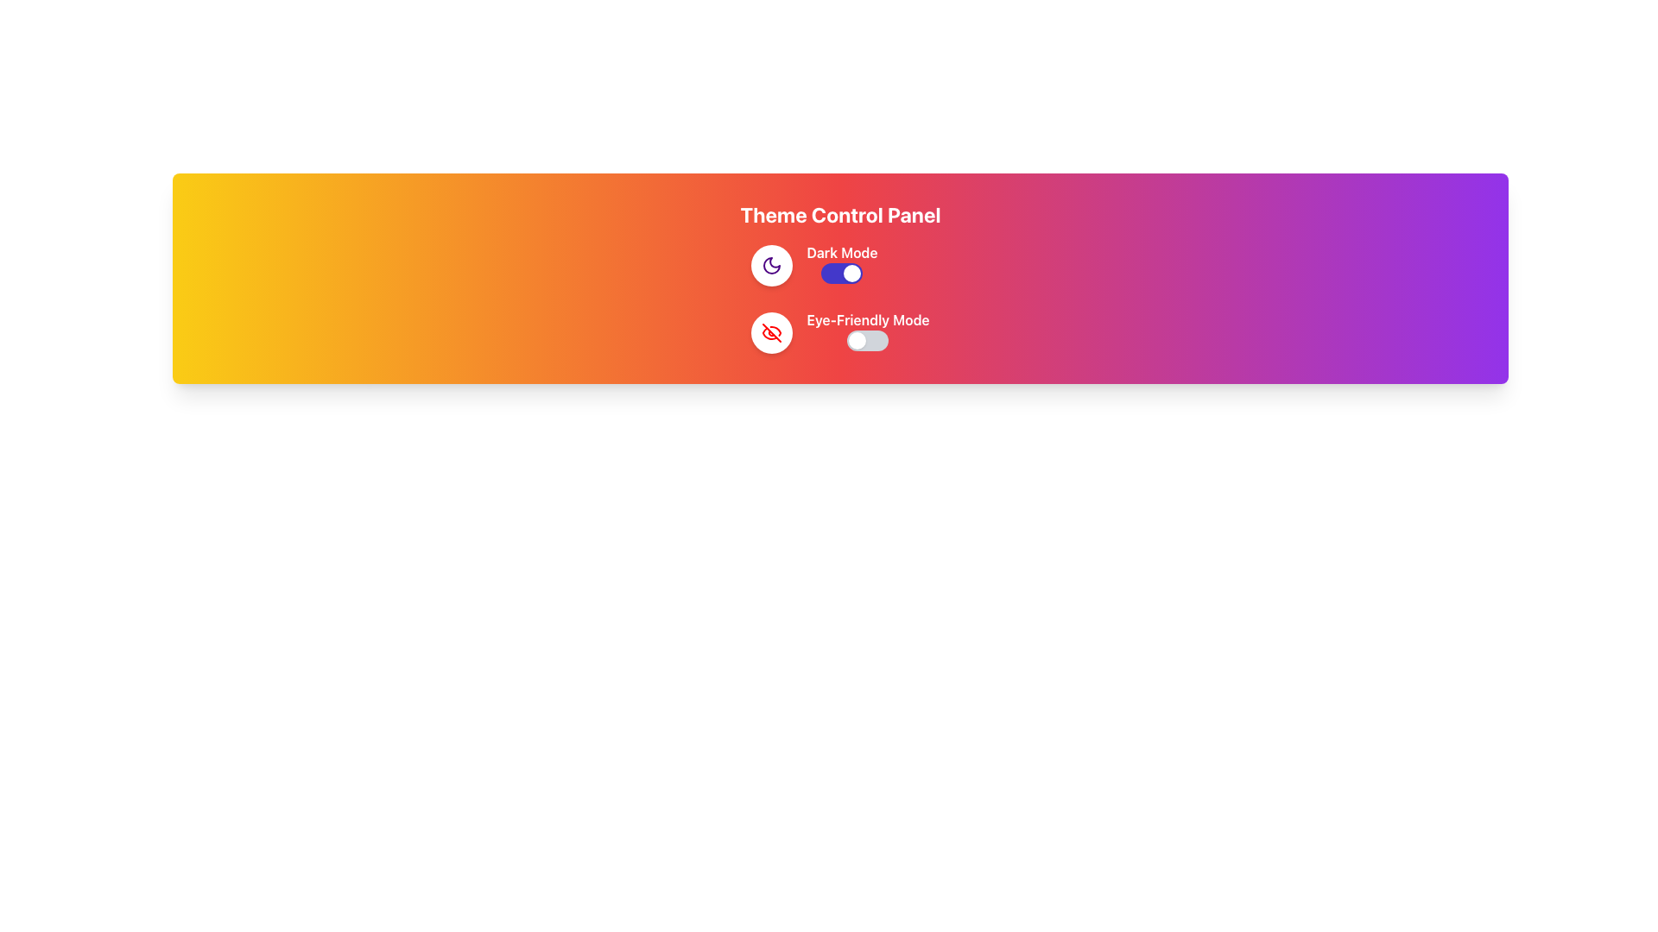 This screenshot has height=932, width=1658. What do you see at coordinates (840, 214) in the screenshot?
I see `static text label that serves as a title for the theme-related settings section, located at the top of the content group with a gradient background` at bounding box center [840, 214].